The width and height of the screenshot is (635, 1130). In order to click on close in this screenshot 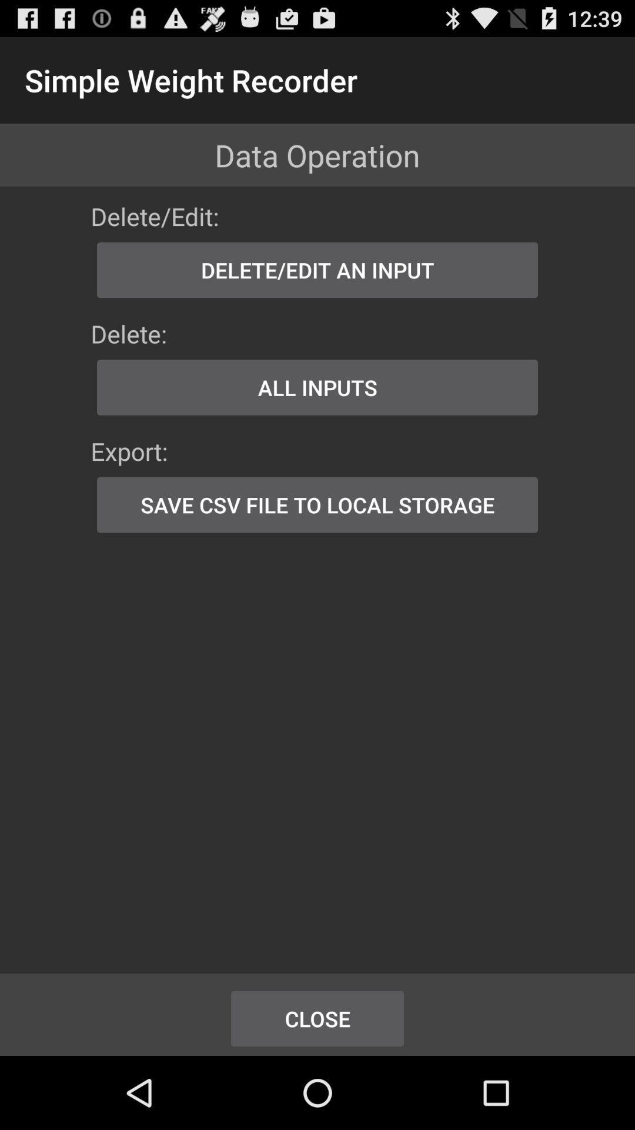, I will do `click(317, 1018)`.